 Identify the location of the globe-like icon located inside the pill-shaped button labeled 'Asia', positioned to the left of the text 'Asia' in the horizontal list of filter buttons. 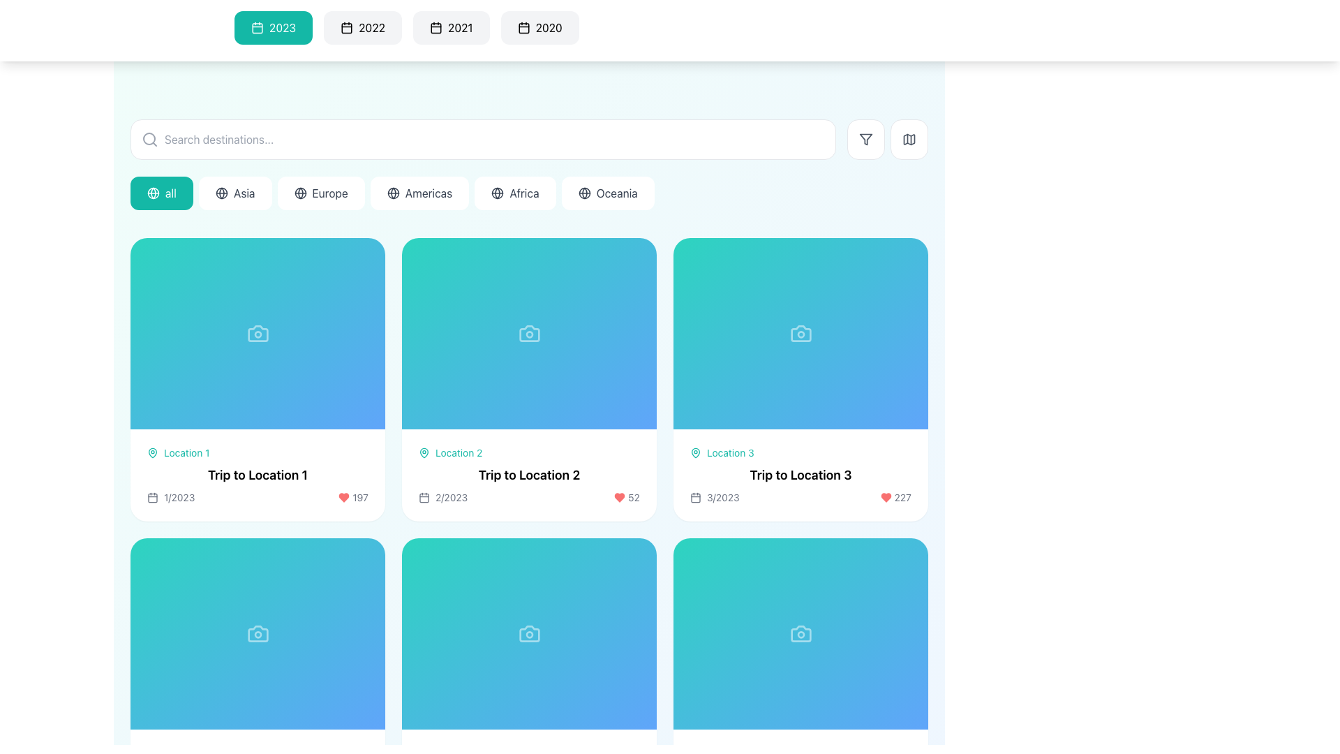
(221, 193).